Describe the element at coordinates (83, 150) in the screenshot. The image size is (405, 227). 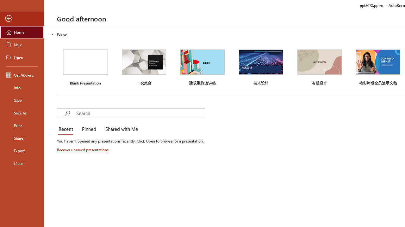
I see `'Recover unsaved presentations'` at that location.